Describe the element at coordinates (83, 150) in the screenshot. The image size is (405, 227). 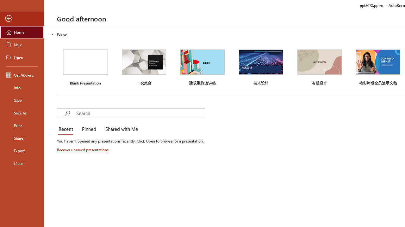
I see `'Recover unsaved presentations'` at that location.